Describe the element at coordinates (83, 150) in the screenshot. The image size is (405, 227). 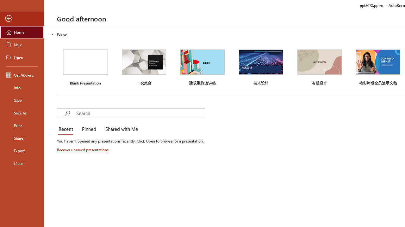
I see `'Recover unsaved presentations'` at that location.